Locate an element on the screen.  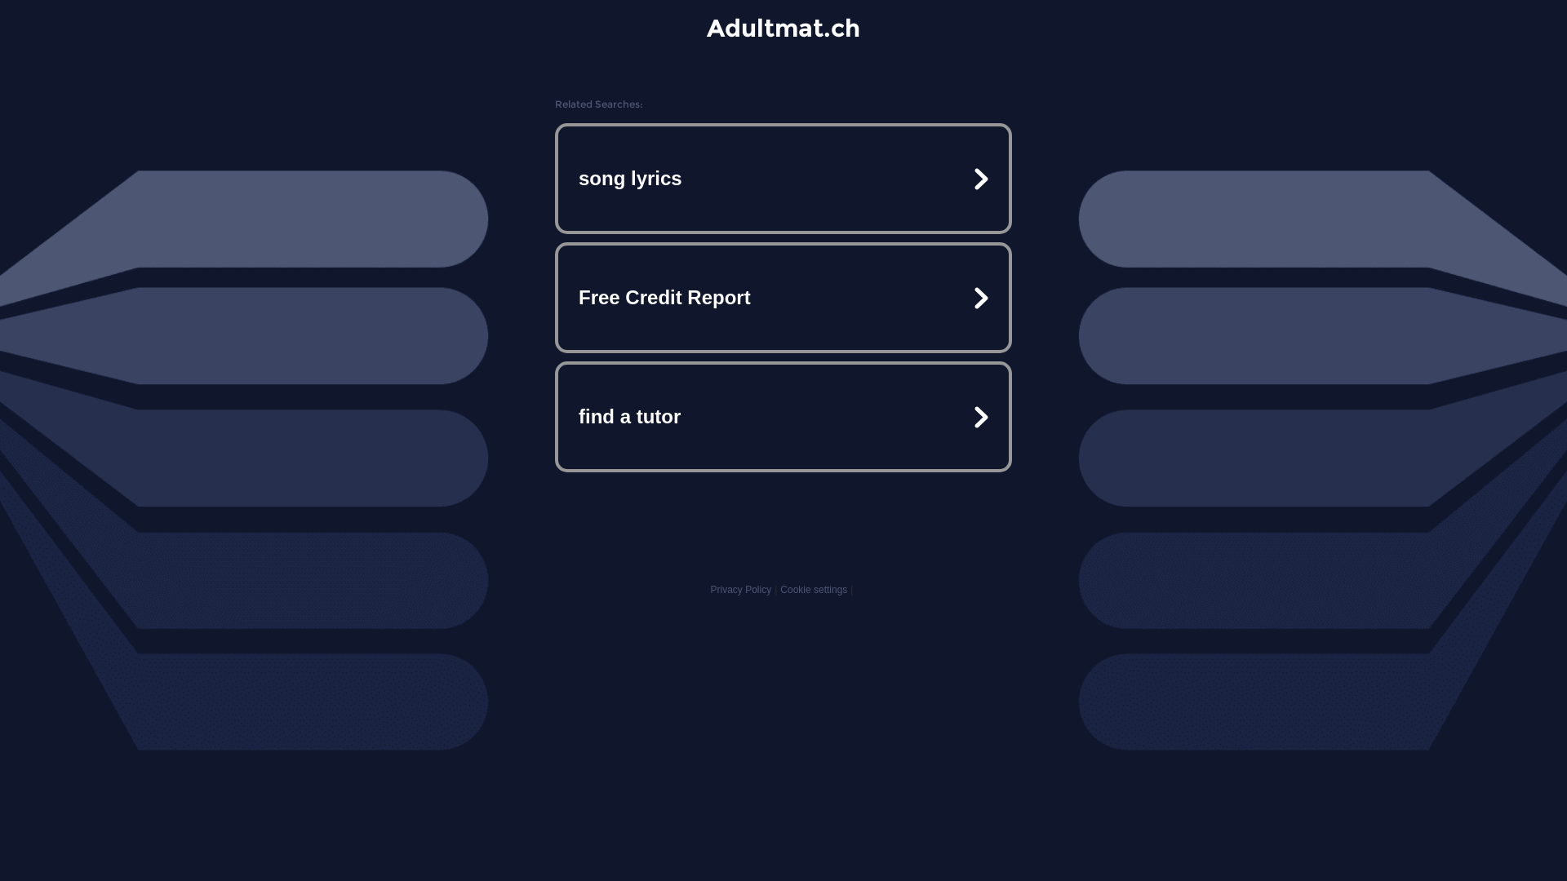
'Privacy Policy' is located at coordinates (739, 589).